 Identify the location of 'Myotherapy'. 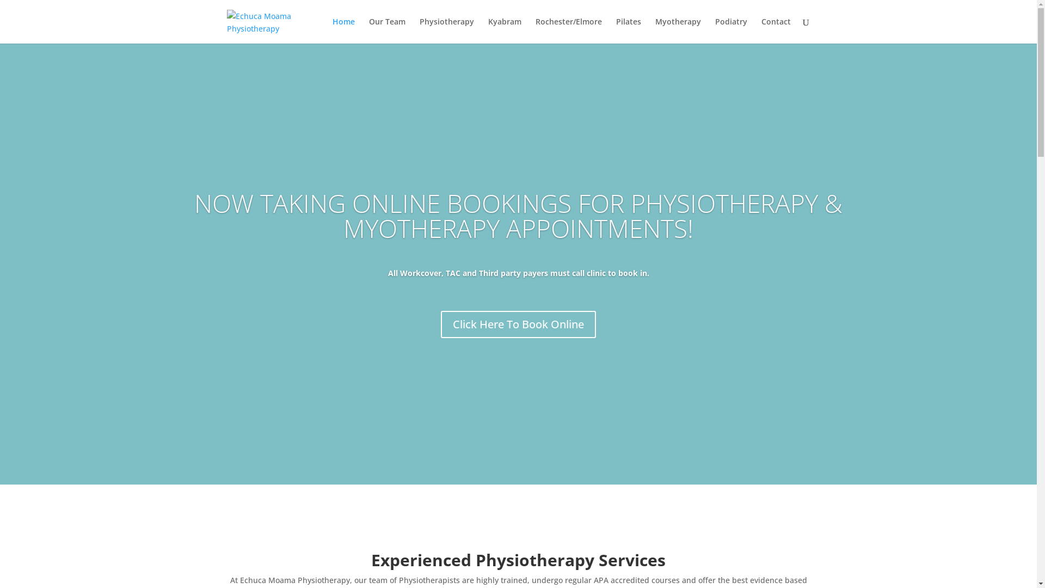
(678, 30).